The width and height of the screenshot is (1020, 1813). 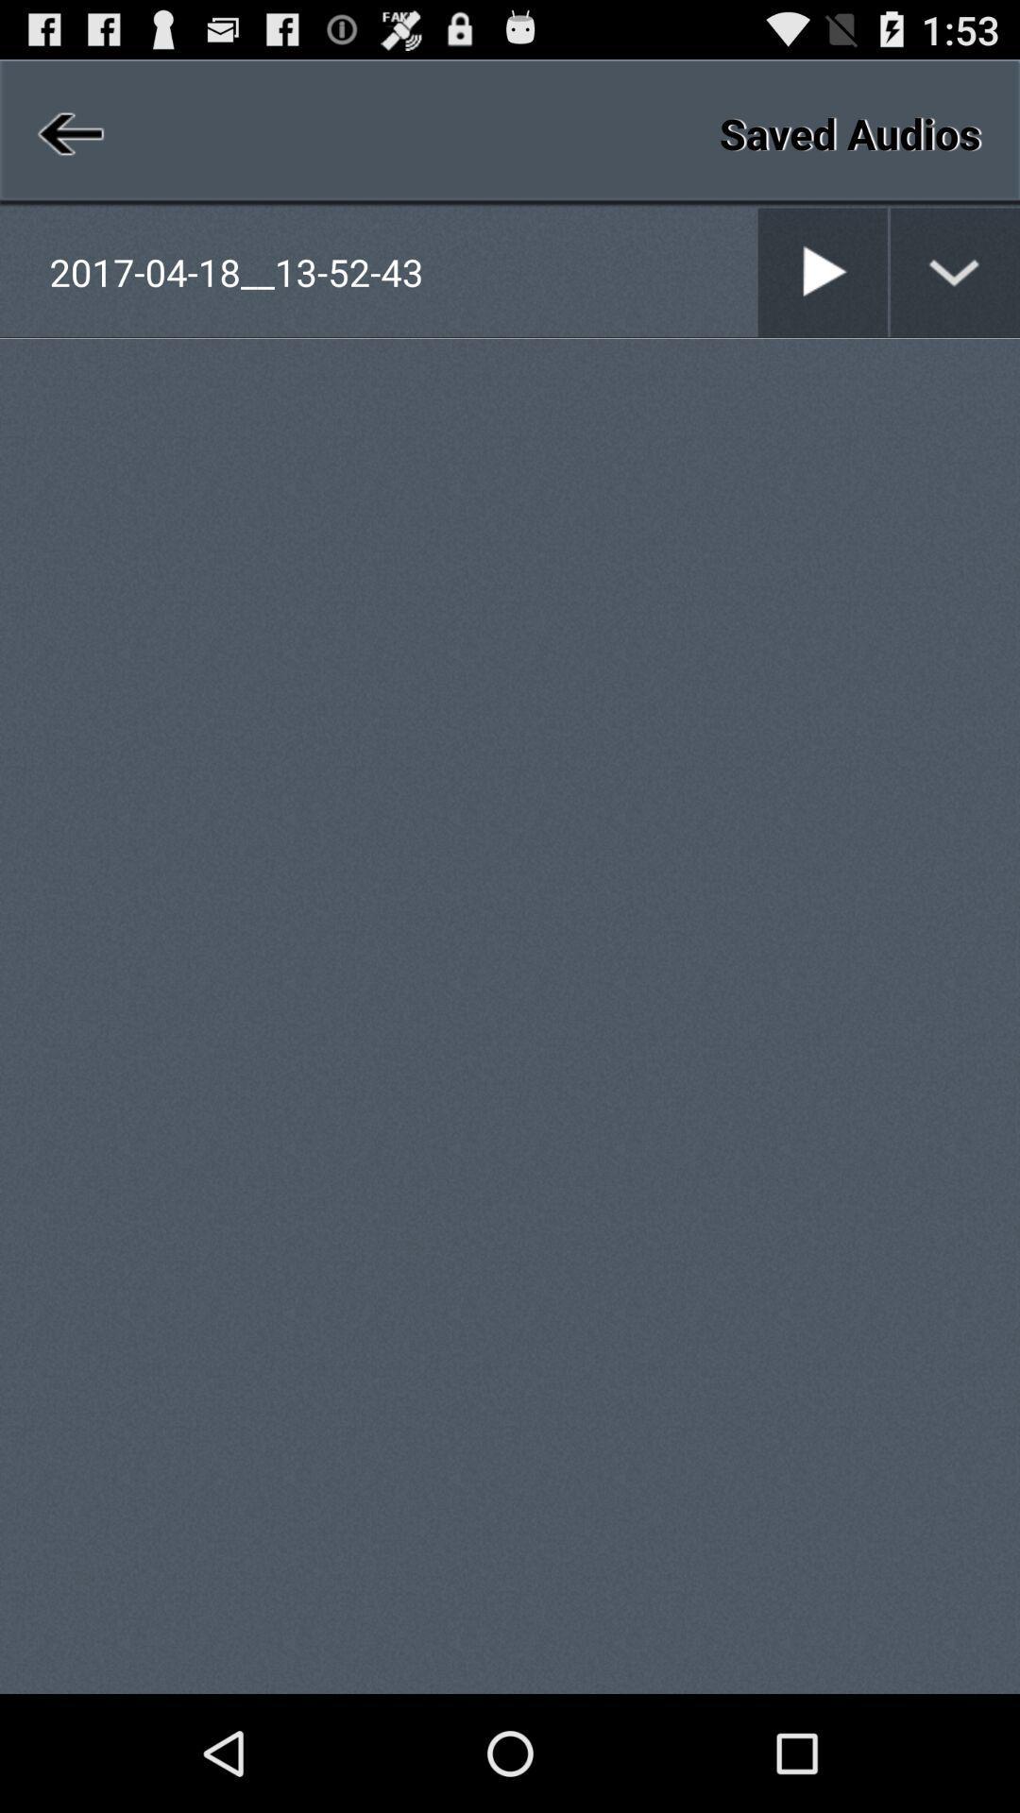 I want to click on the app to the left of the saved audios, so click(x=67, y=132).